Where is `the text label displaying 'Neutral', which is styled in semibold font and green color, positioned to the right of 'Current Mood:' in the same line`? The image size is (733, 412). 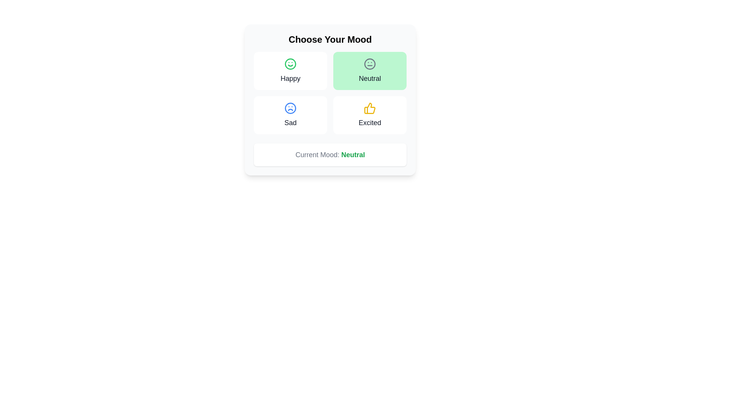
the text label displaying 'Neutral', which is styled in semibold font and green color, positioned to the right of 'Current Mood:' in the same line is located at coordinates (353, 154).